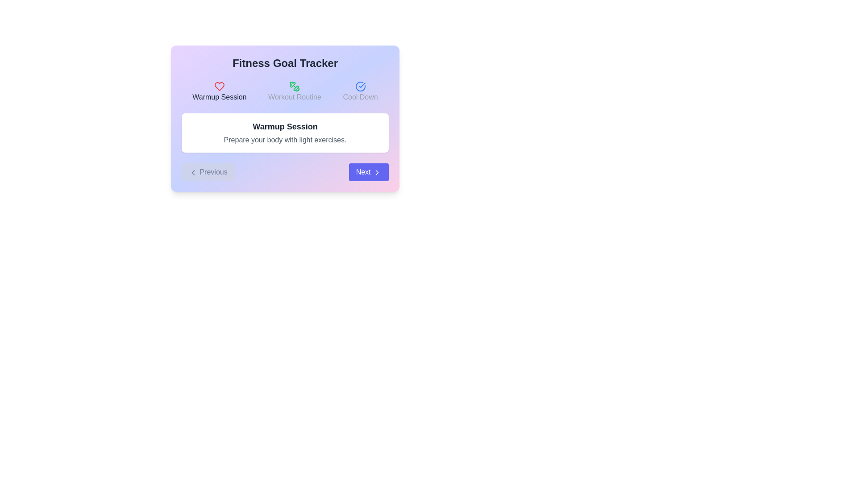 This screenshot has height=482, width=857. Describe the element at coordinates (362, 85) in the screenshot. I see `the status of the check mark symbol within the circular icon associated with the 'Cool Down' section in the top-right part of the interface` at that location.